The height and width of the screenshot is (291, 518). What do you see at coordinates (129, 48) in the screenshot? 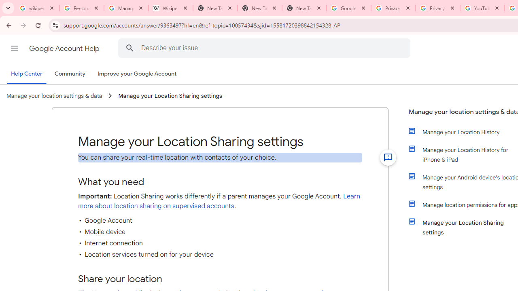
I see `'Search Help Center'` at bounding box center [129, 48].